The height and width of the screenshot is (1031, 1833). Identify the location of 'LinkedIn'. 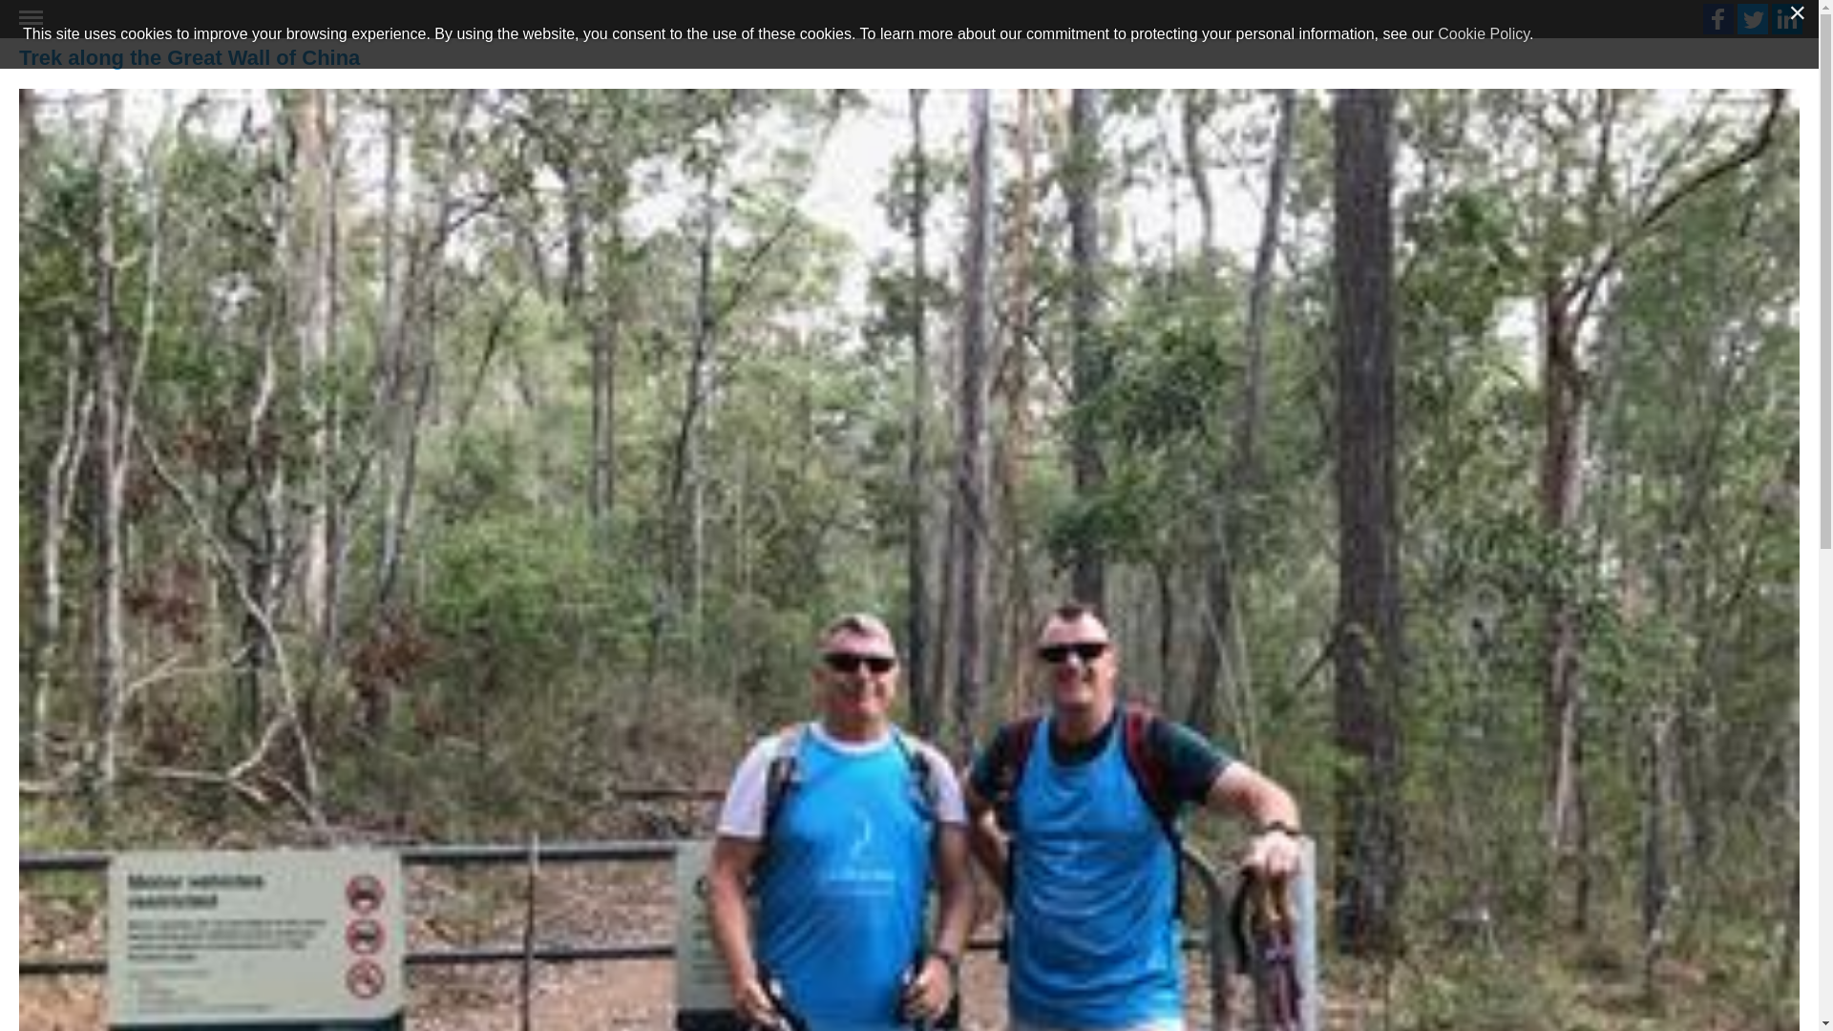
(1786, 18).